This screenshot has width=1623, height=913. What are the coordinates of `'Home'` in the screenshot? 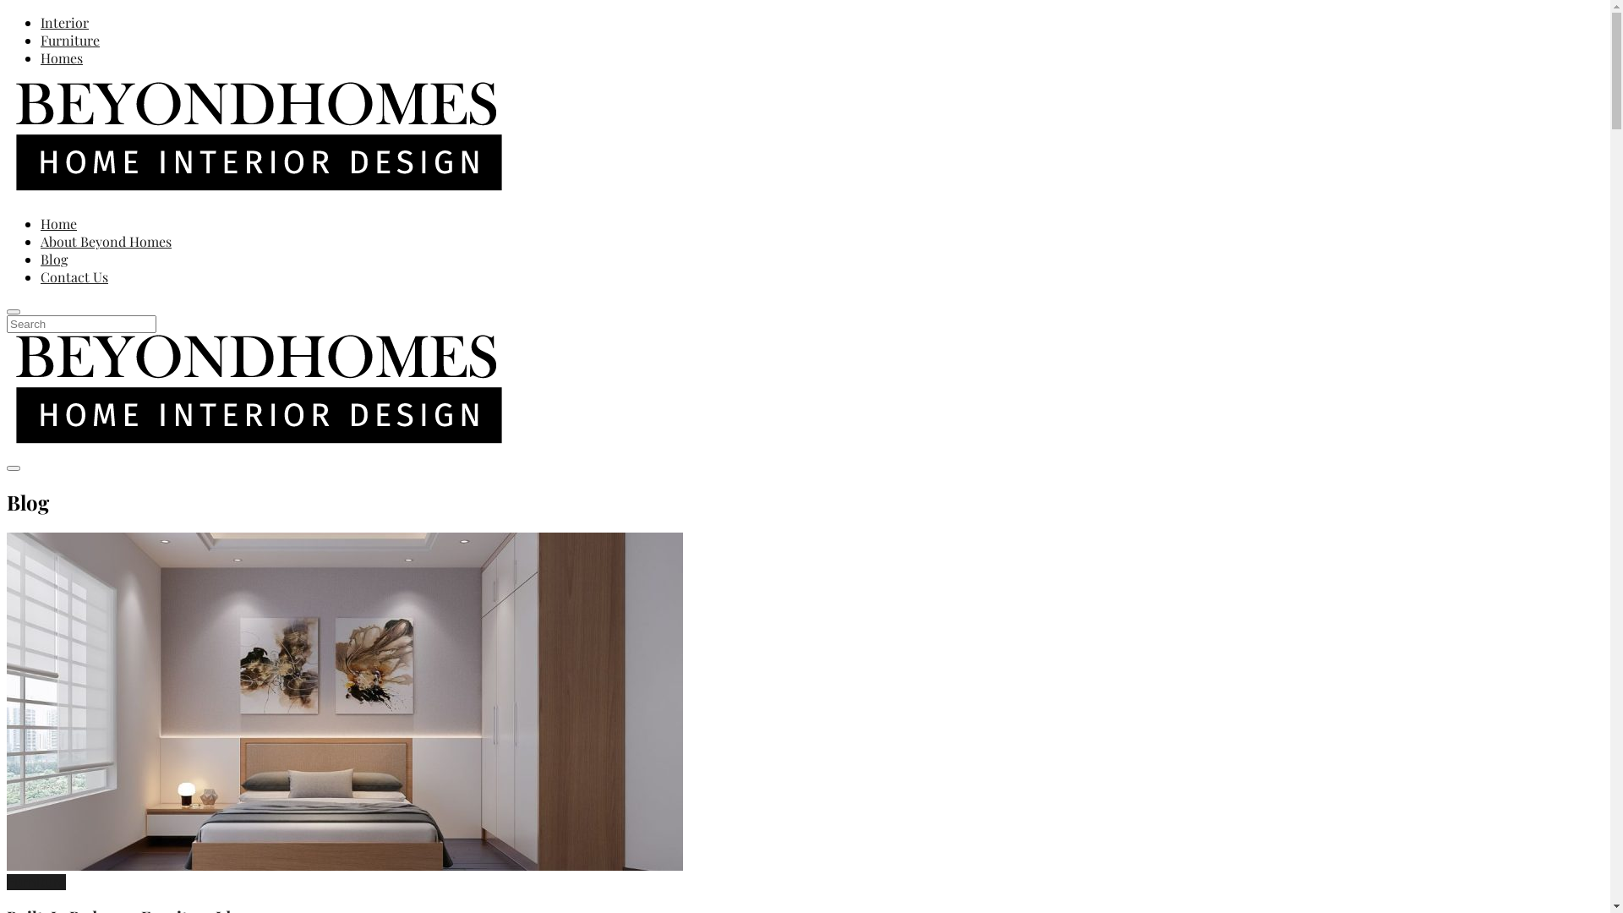 It's located at (58, 222).